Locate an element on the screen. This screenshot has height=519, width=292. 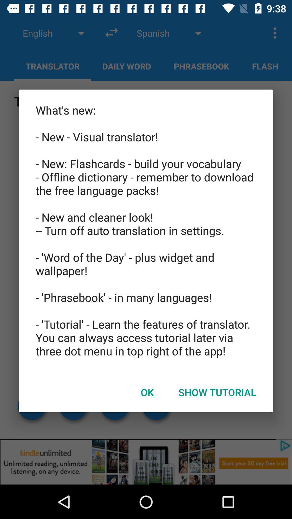
the ok at the bottom is located at coordinates (147, 392).